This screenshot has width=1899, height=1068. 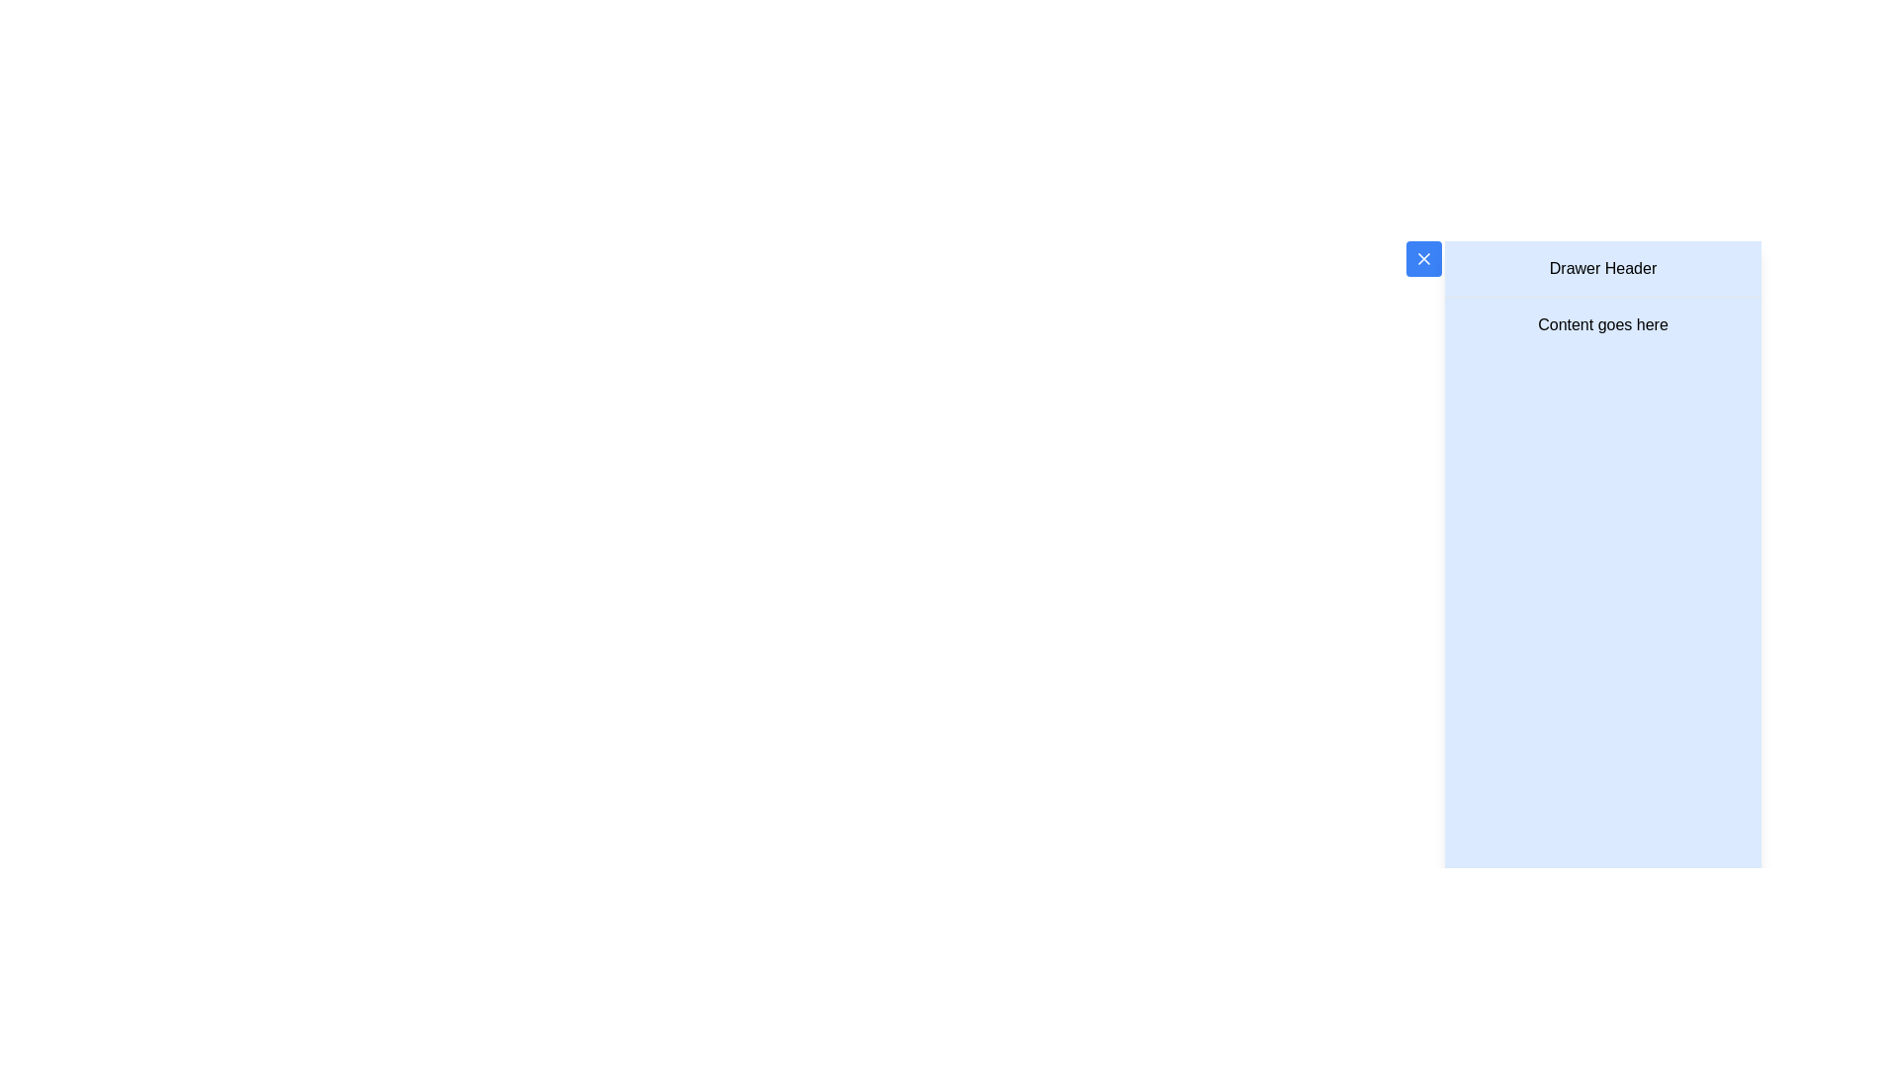 What do you see at coordinates (1422, 258) in the screenshot?
I see `the close button icon, which is a blue button with a white 'X' symbol, located at the top-left corner of the sidebar header` at bounding box center [1422, 258].